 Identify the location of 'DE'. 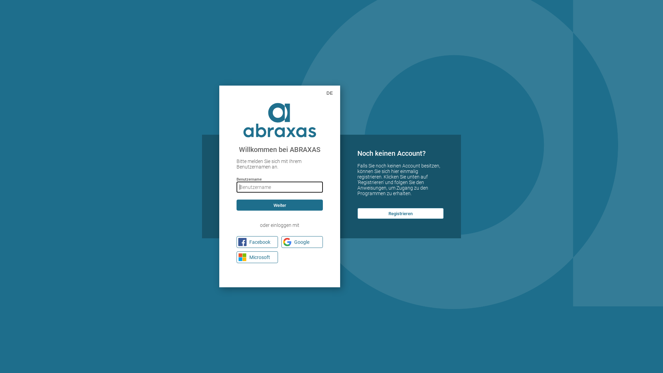
(319, 93).